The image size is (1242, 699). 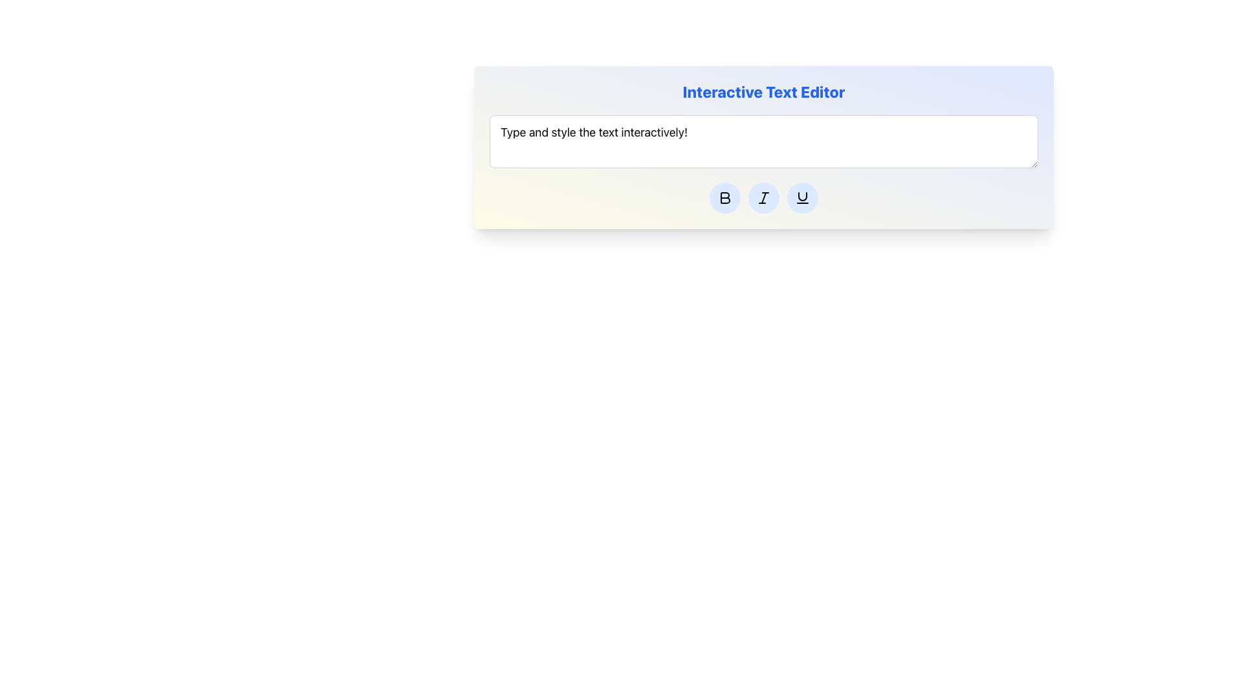 What do you see at coordinates (763, 91) in the screenshot?
I see `the bold blue text header 'Interactive Text Editor' which is prominently displayed at the top of the interface` at bounding box center [763, 91].